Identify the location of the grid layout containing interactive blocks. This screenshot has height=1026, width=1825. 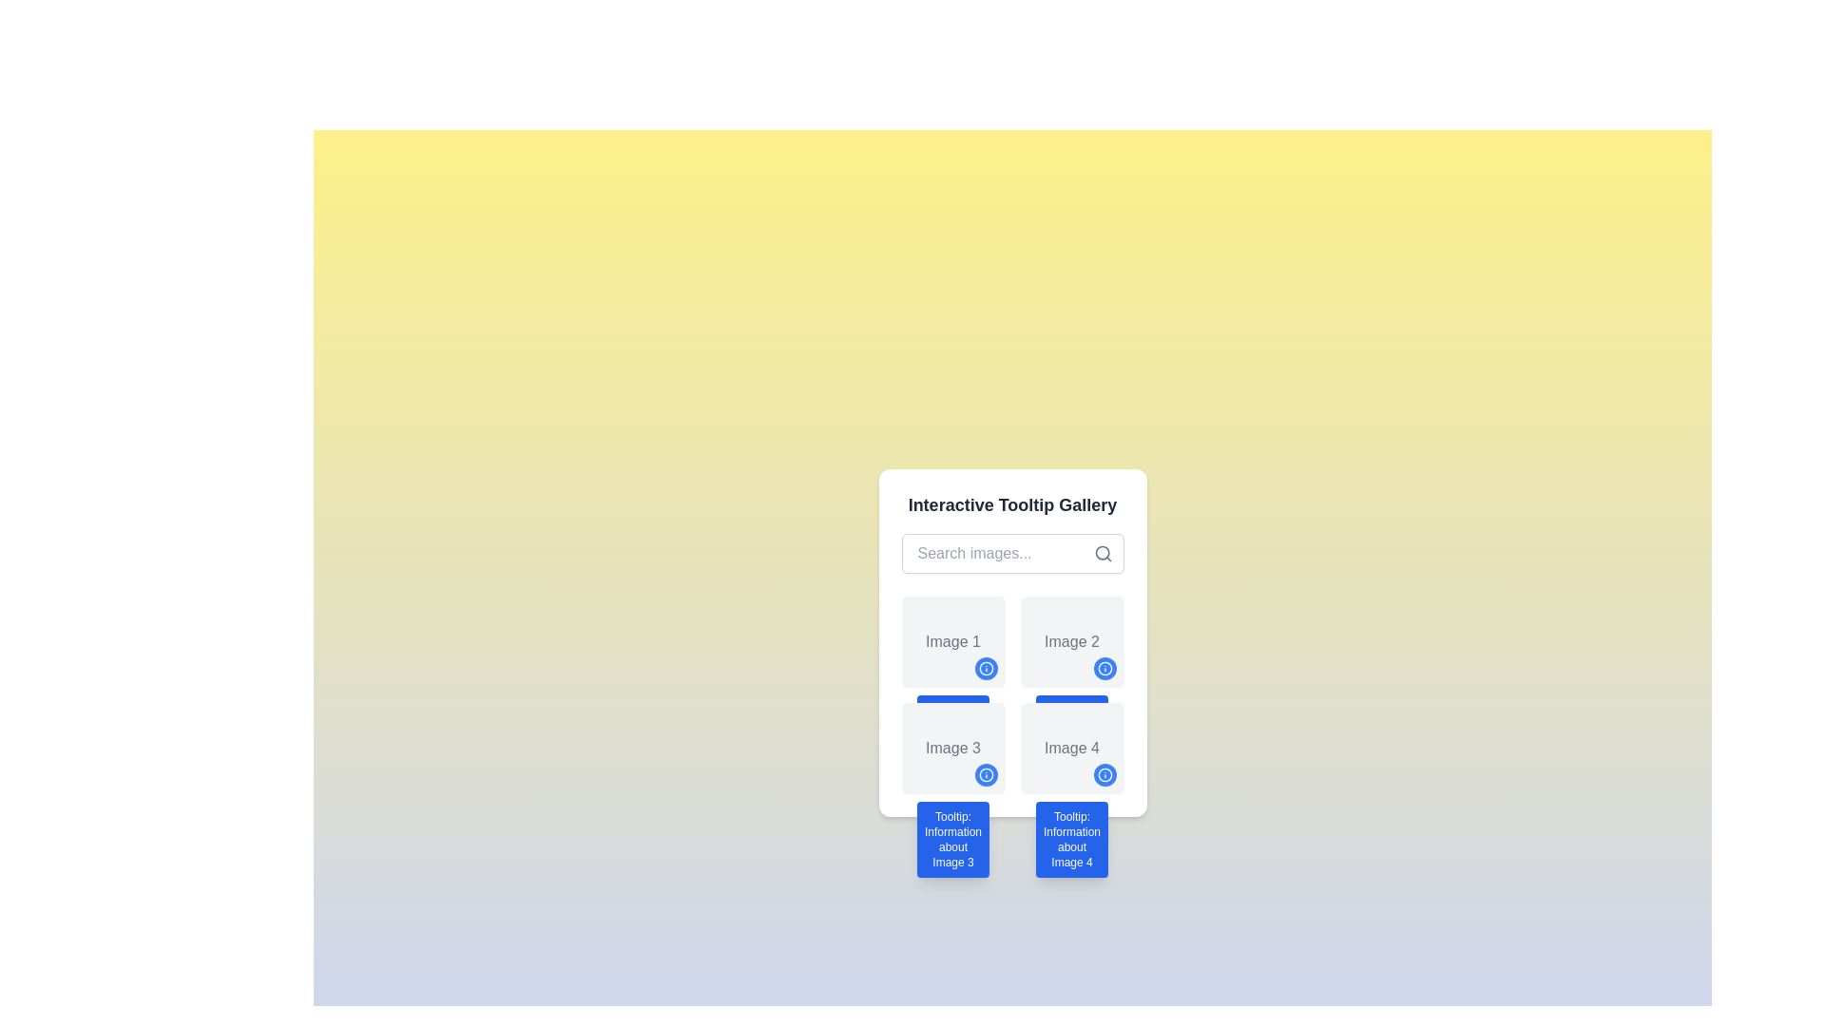
(1011, 695).